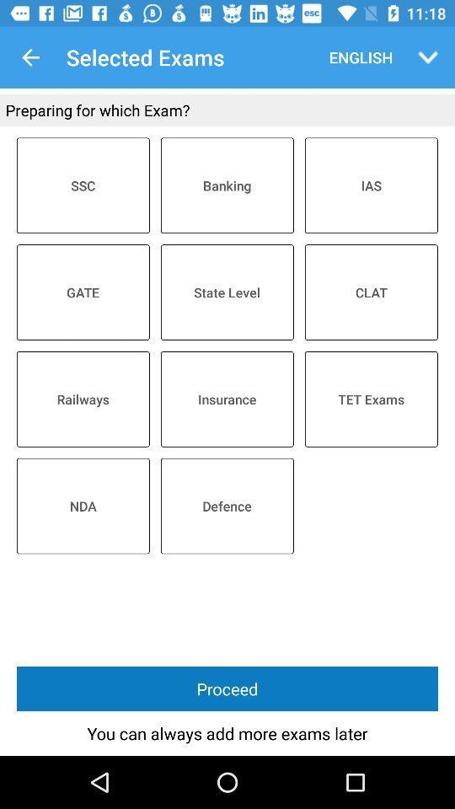  I want to click on item above you can always item, so click(227, 688).